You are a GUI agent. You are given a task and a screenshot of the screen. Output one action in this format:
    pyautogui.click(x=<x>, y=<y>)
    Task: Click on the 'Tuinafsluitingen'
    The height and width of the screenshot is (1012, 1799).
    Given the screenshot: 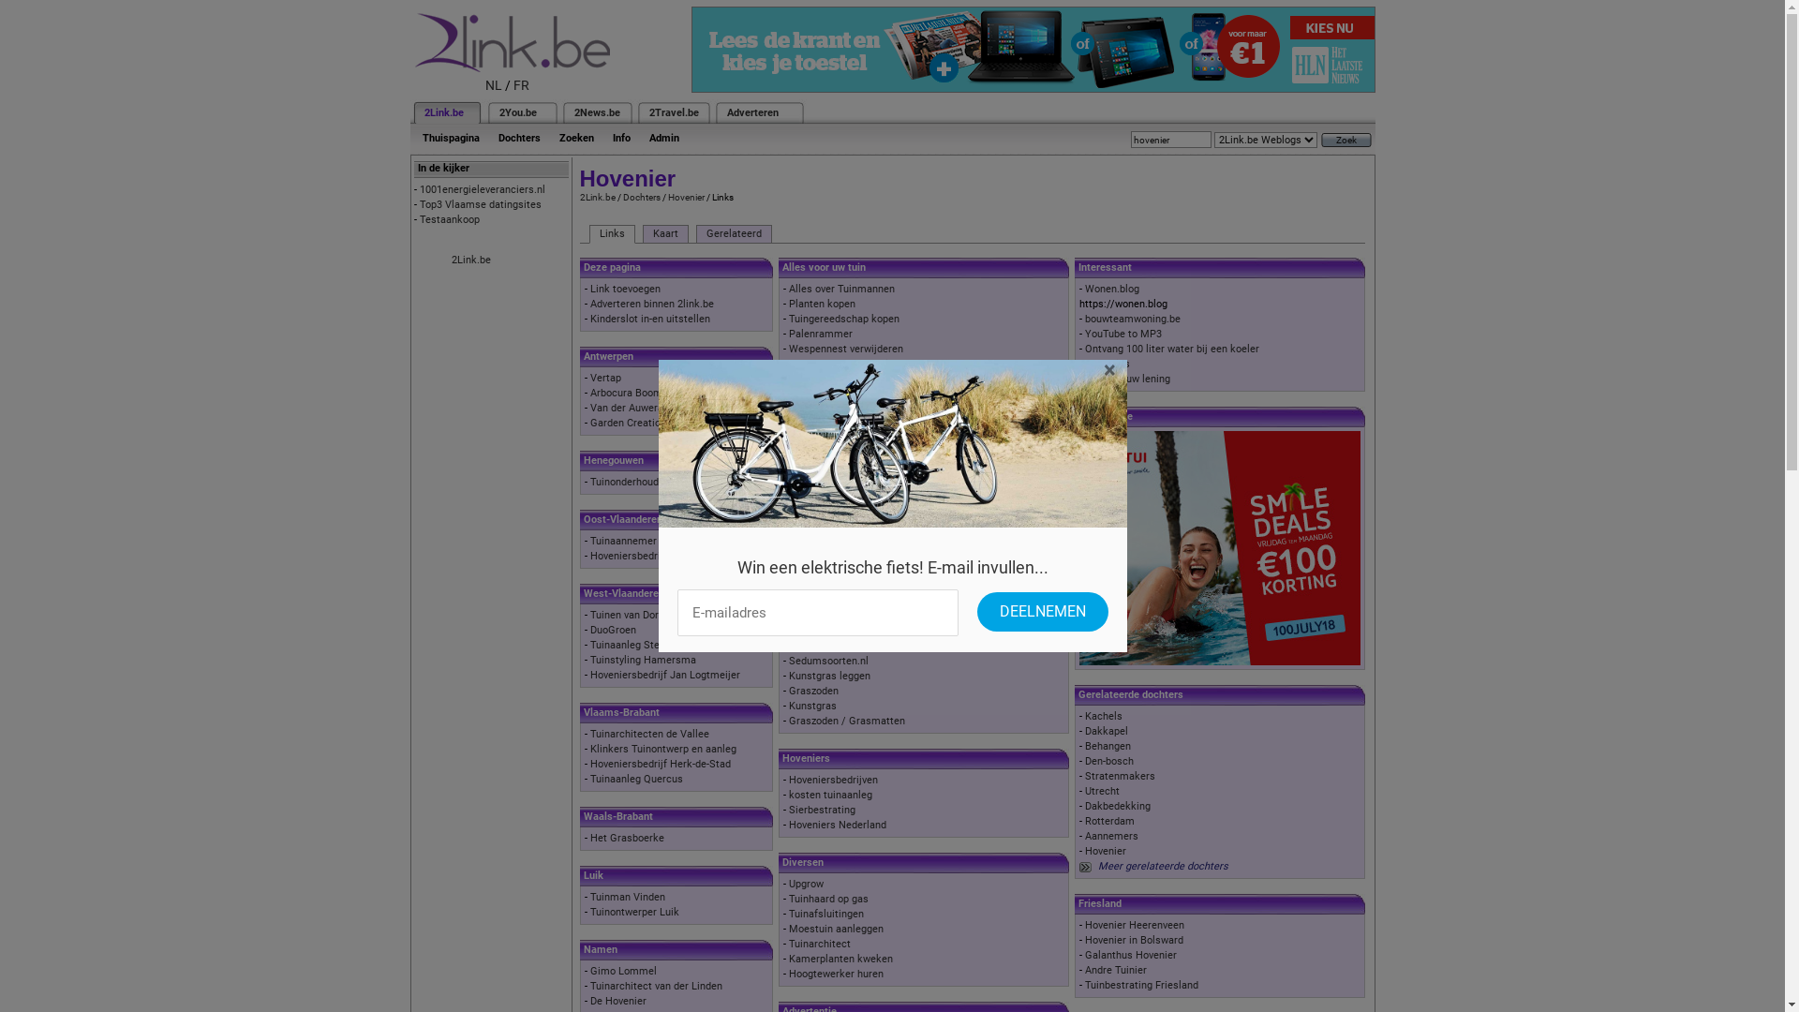 What is the action you would take?
    pyautogui.click(x=825, y=913)
    